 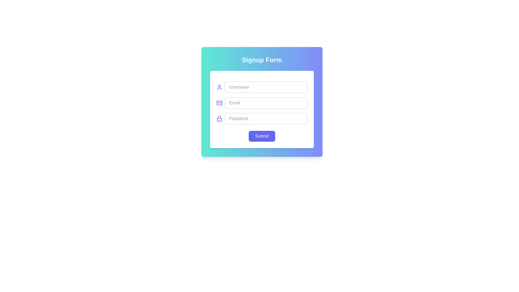 What do you see at coordinates (219, 118) in the screenshot?
I see `the indigo lock icon with rounded corners located to the left of the password input box` at bounding box center [219, 118].